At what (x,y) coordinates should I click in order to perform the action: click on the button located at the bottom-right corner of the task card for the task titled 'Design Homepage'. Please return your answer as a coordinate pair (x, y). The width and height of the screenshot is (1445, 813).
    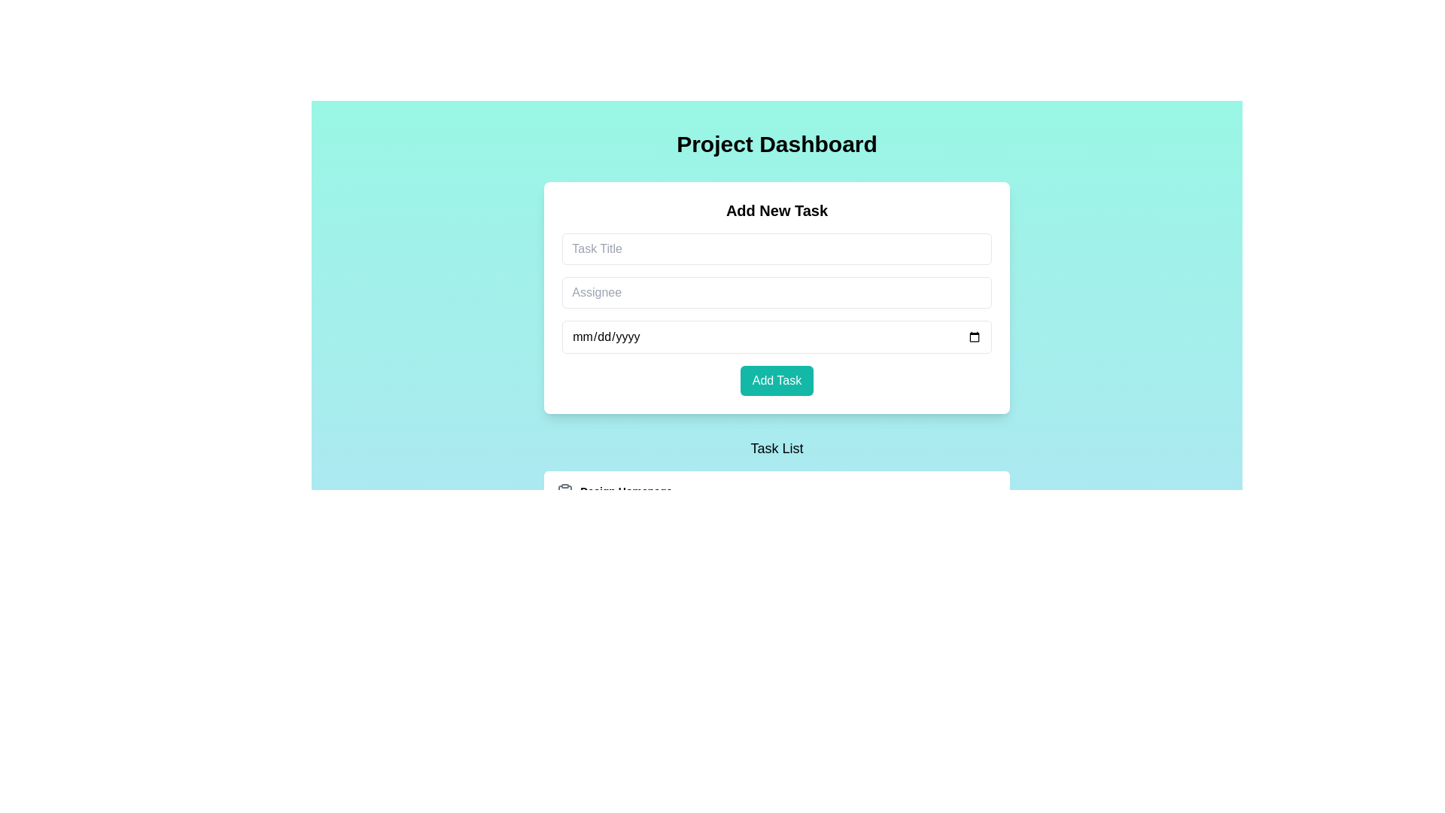
    Looking at the image, I should click on (938, 510).